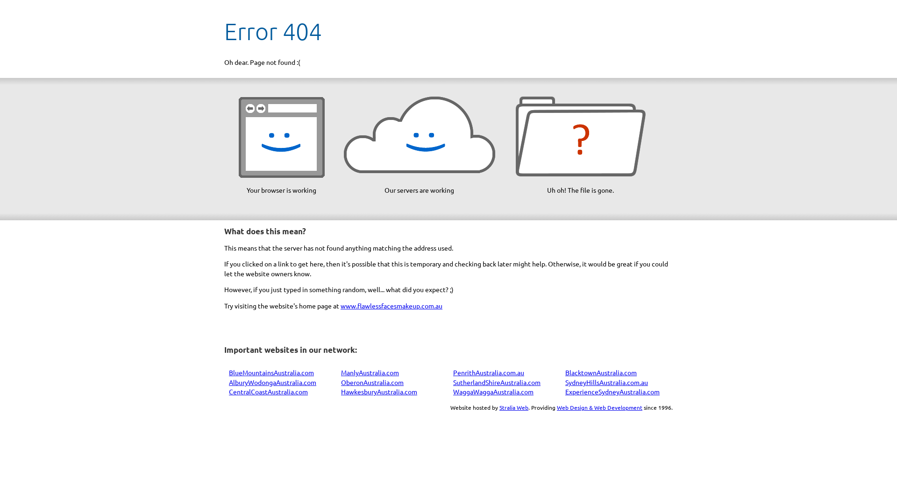 This screenshot has height=504, width=897. Describe the element at coordinates (271, 372) in the screenshot. I see `'BlueMountainsAustralia.com'` at that location.